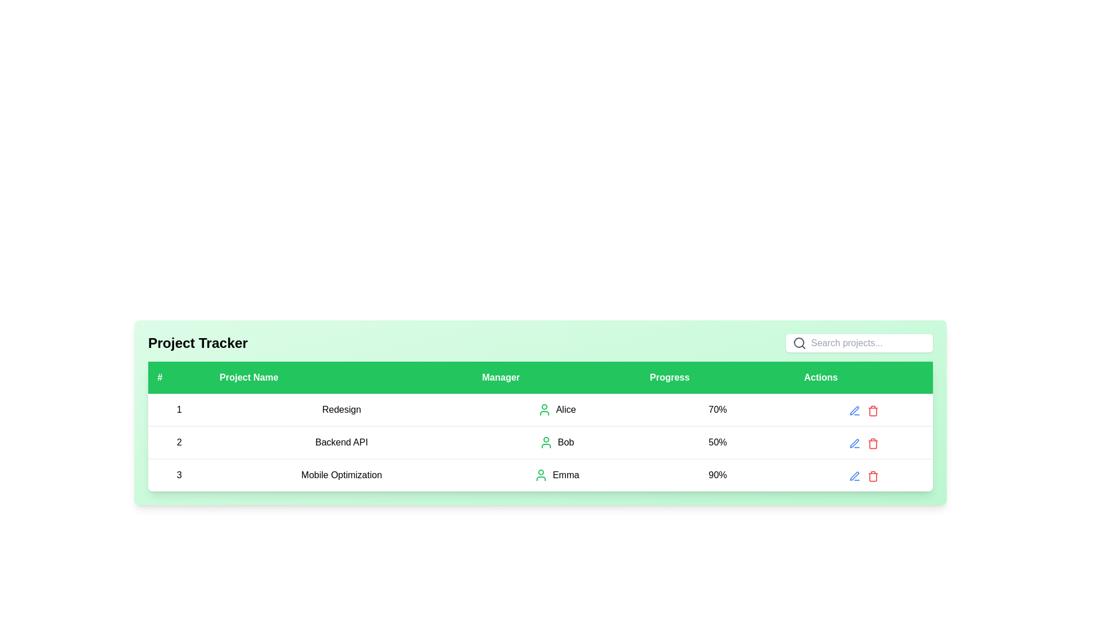 The height and width of the screenshot is (620, 1103). I want to click on the second row in the 'Project Tracker' table that provides details about the 'Backend API' project, so click(539, 442).